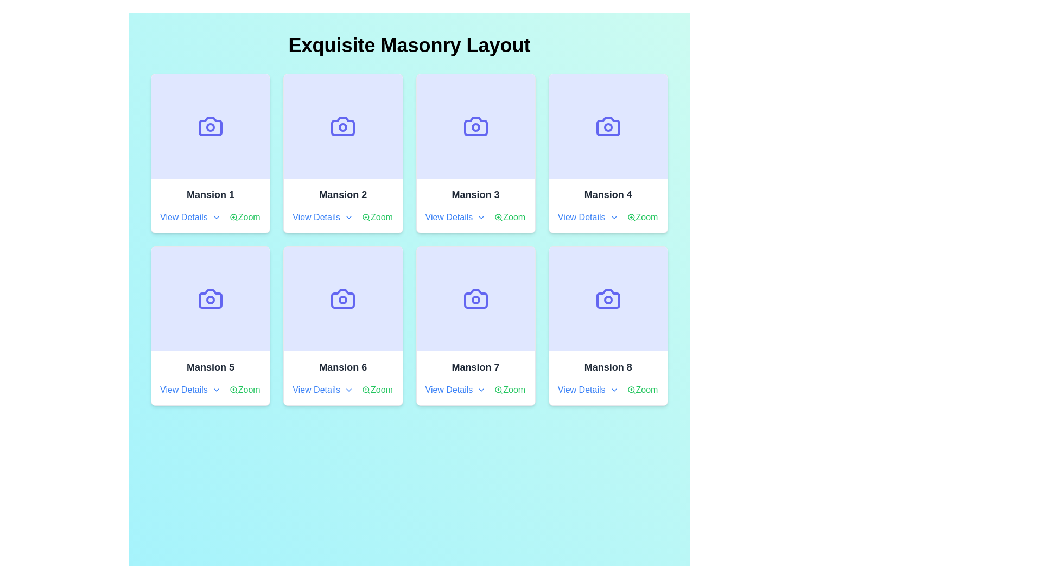 The height and width of the screenshot is (586, 1042). Describe the element at coordinates (608, 367) in the screenshot. I see `the title label for the 'Mansion 8' card, which is positioned at the bottom of the last card in the second row of an 8-card grid layout, directly above the 'View Details' and 'Zoom' links` at that location.